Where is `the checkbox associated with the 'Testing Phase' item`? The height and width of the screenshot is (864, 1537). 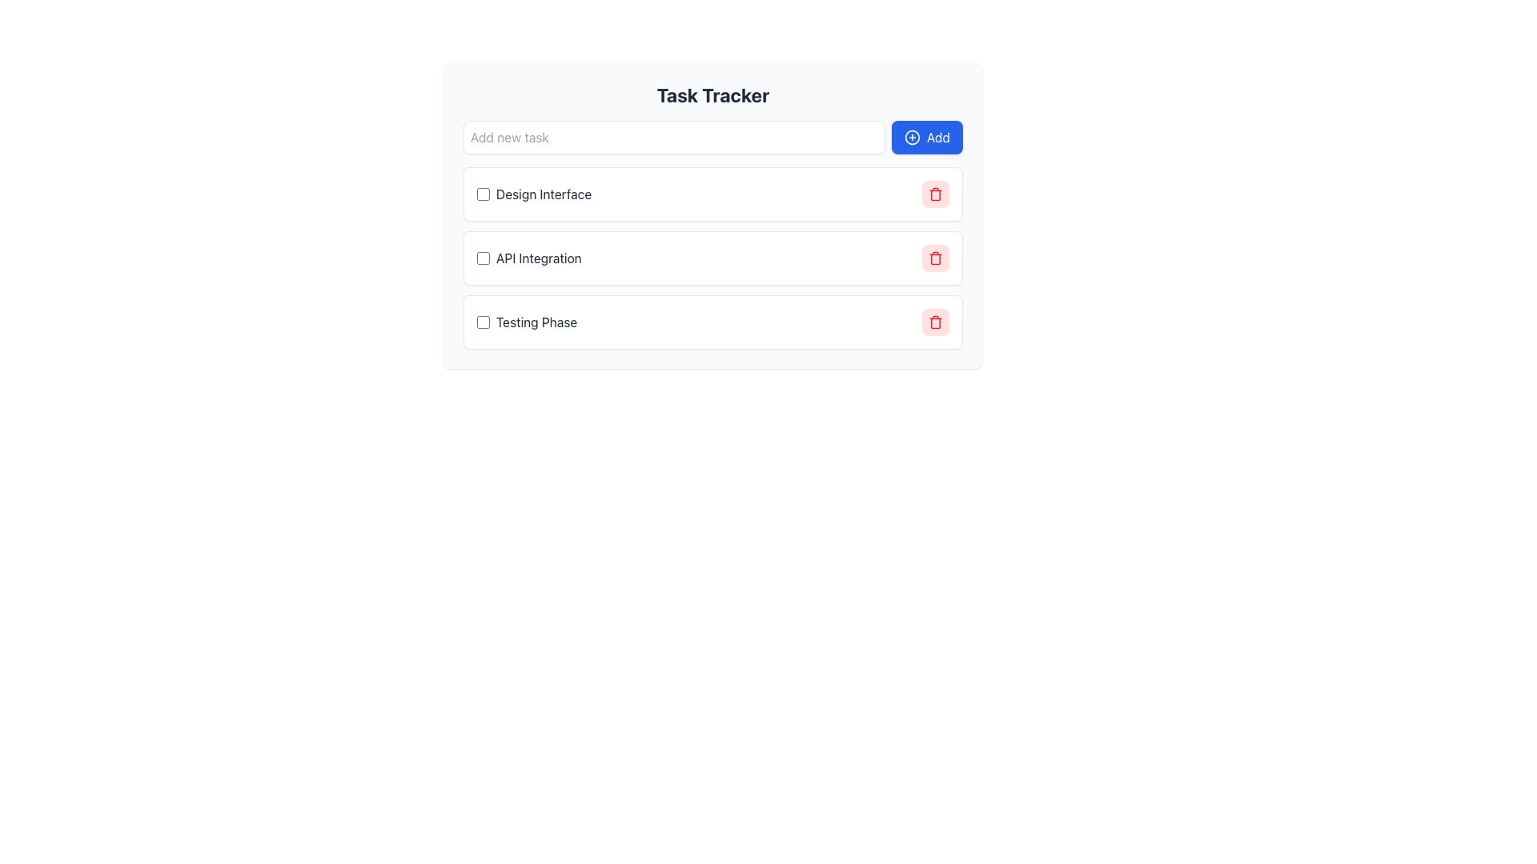
the checkbox associated with the 'Testing Phase' item is located at coordinates (483, 322).